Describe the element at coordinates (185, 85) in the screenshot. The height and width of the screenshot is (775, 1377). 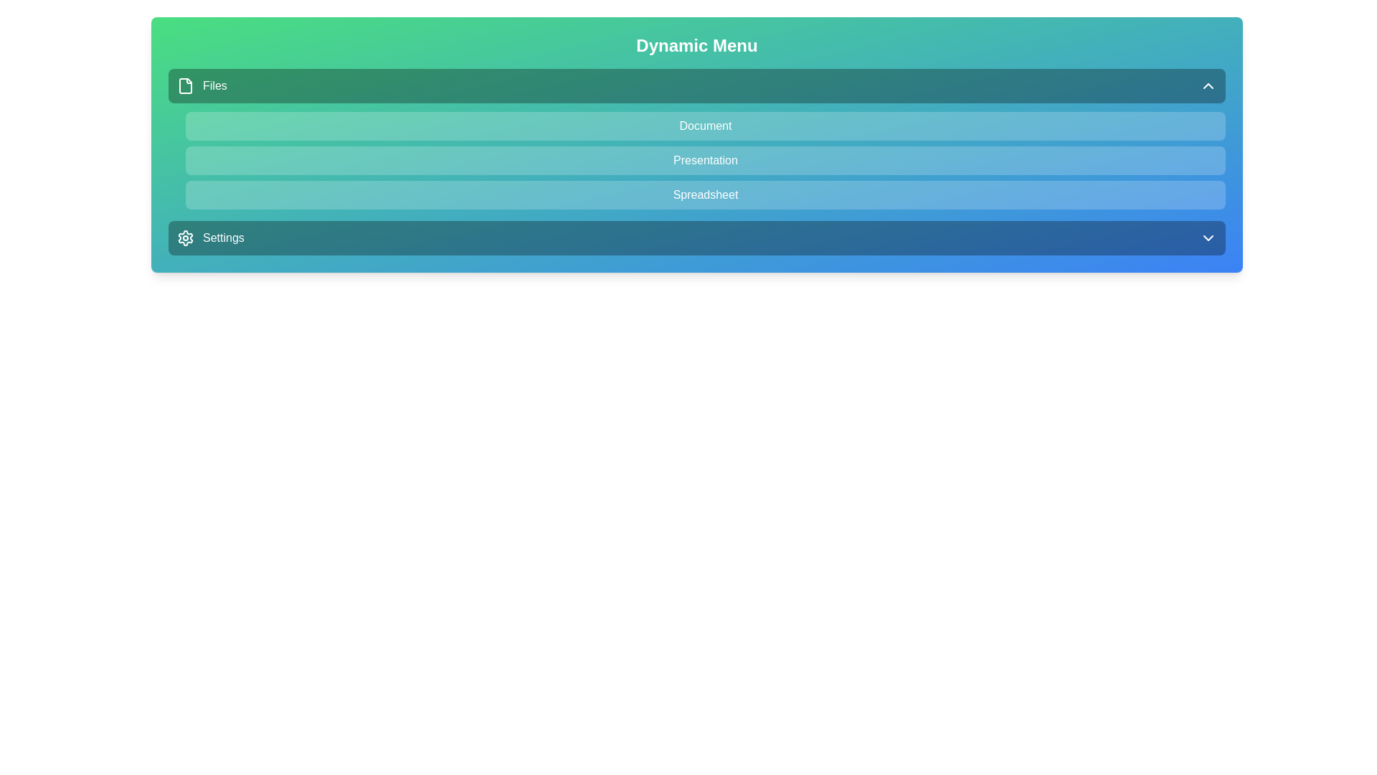
I see `the decorative SVG graphic element with a file icon design located in the left section of the header labeled 'Files'` at that location.